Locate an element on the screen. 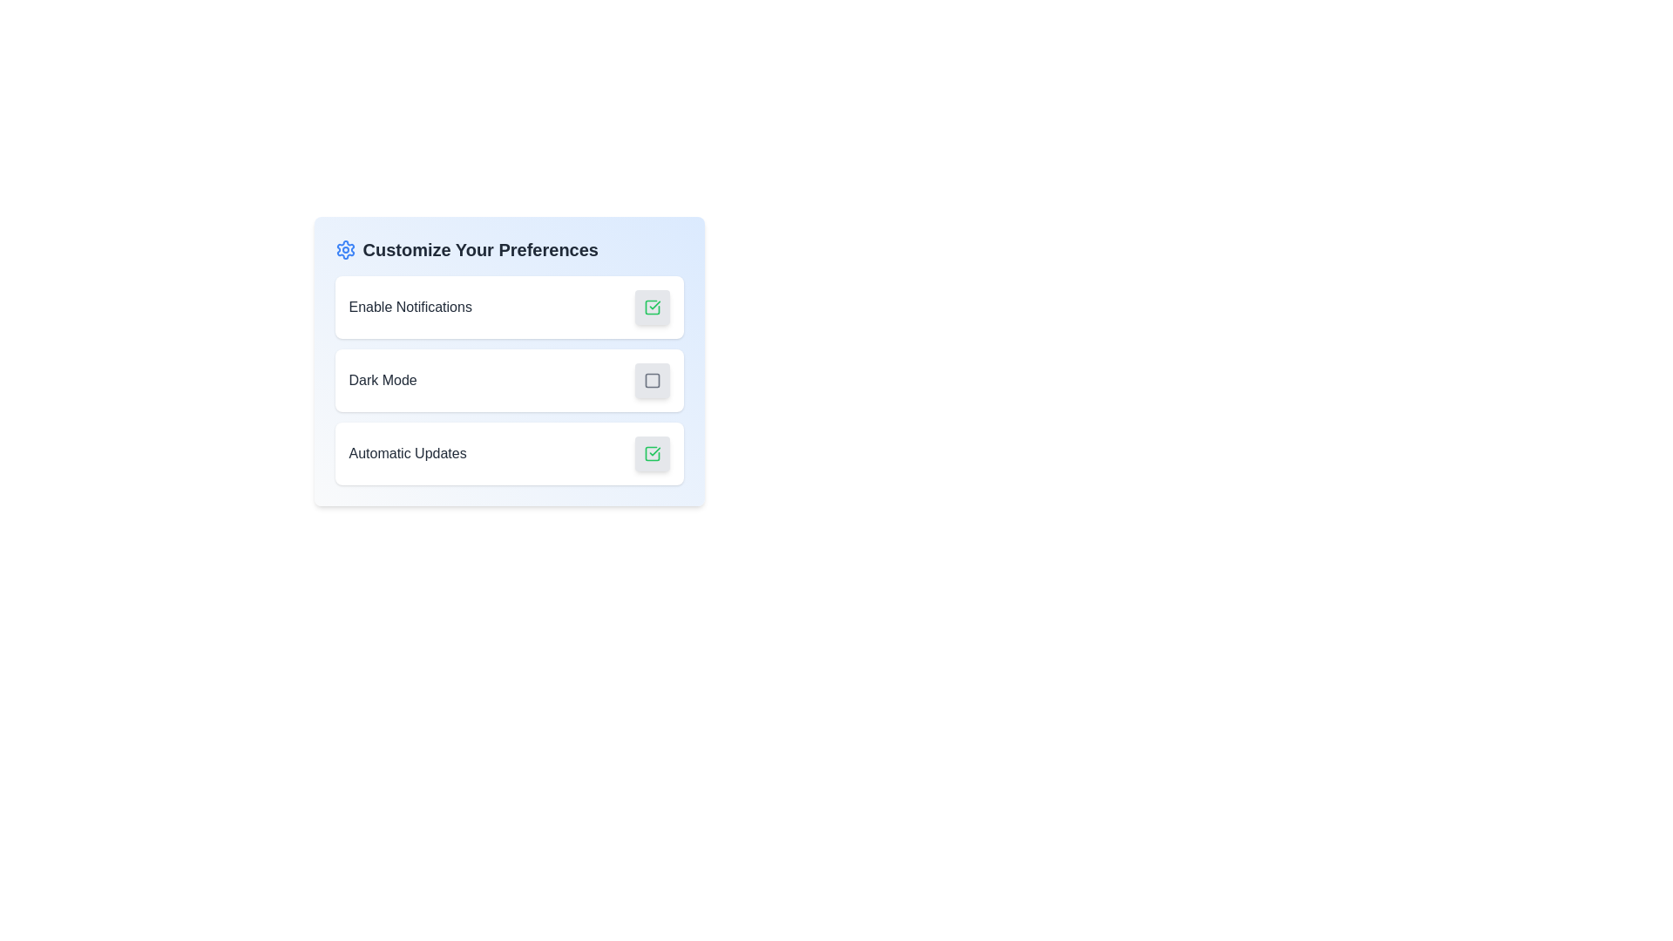 This screenshot has width=1673, height=941. the rounded square button with a light gray background and a square icon, located at the right side of the 'Dark Mode' row is located at coordinates (651, 379).